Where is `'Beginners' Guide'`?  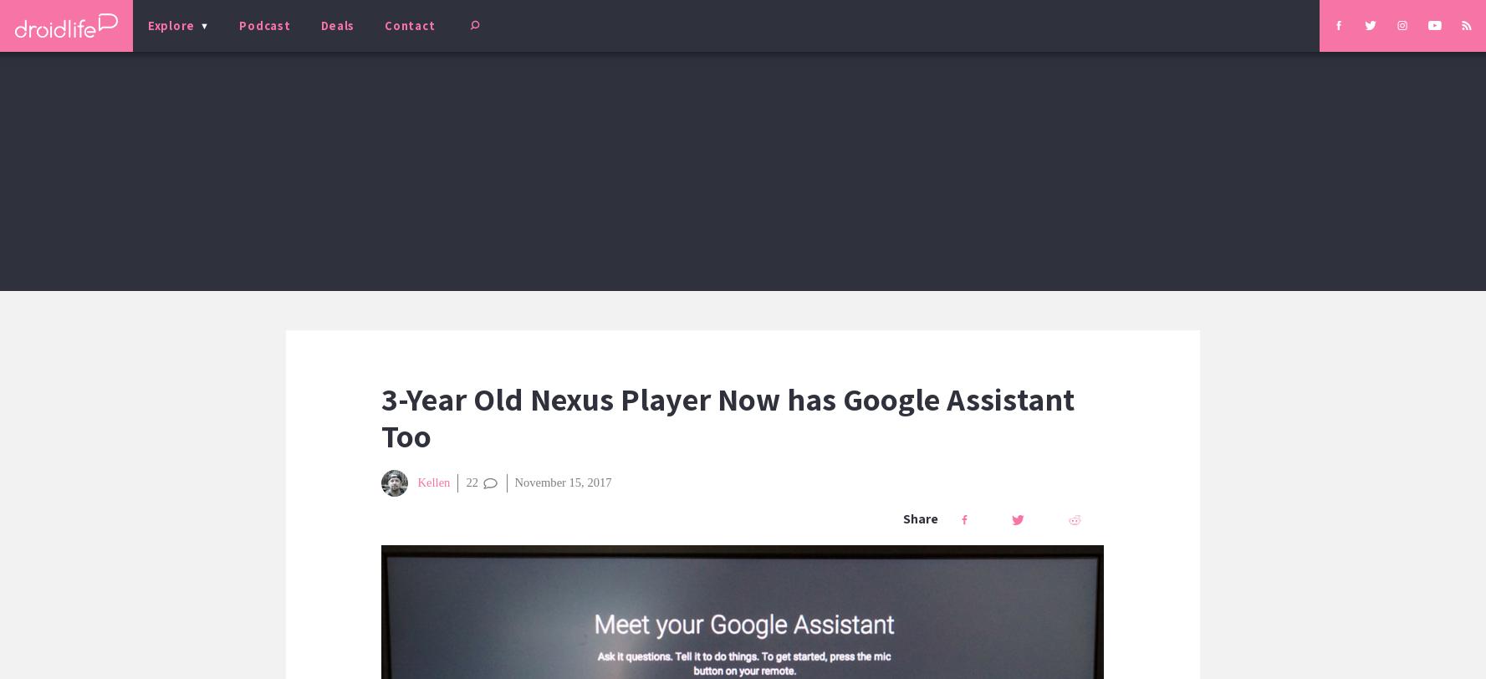
'Beginners' Guide' is located at coordinates (366, 17).